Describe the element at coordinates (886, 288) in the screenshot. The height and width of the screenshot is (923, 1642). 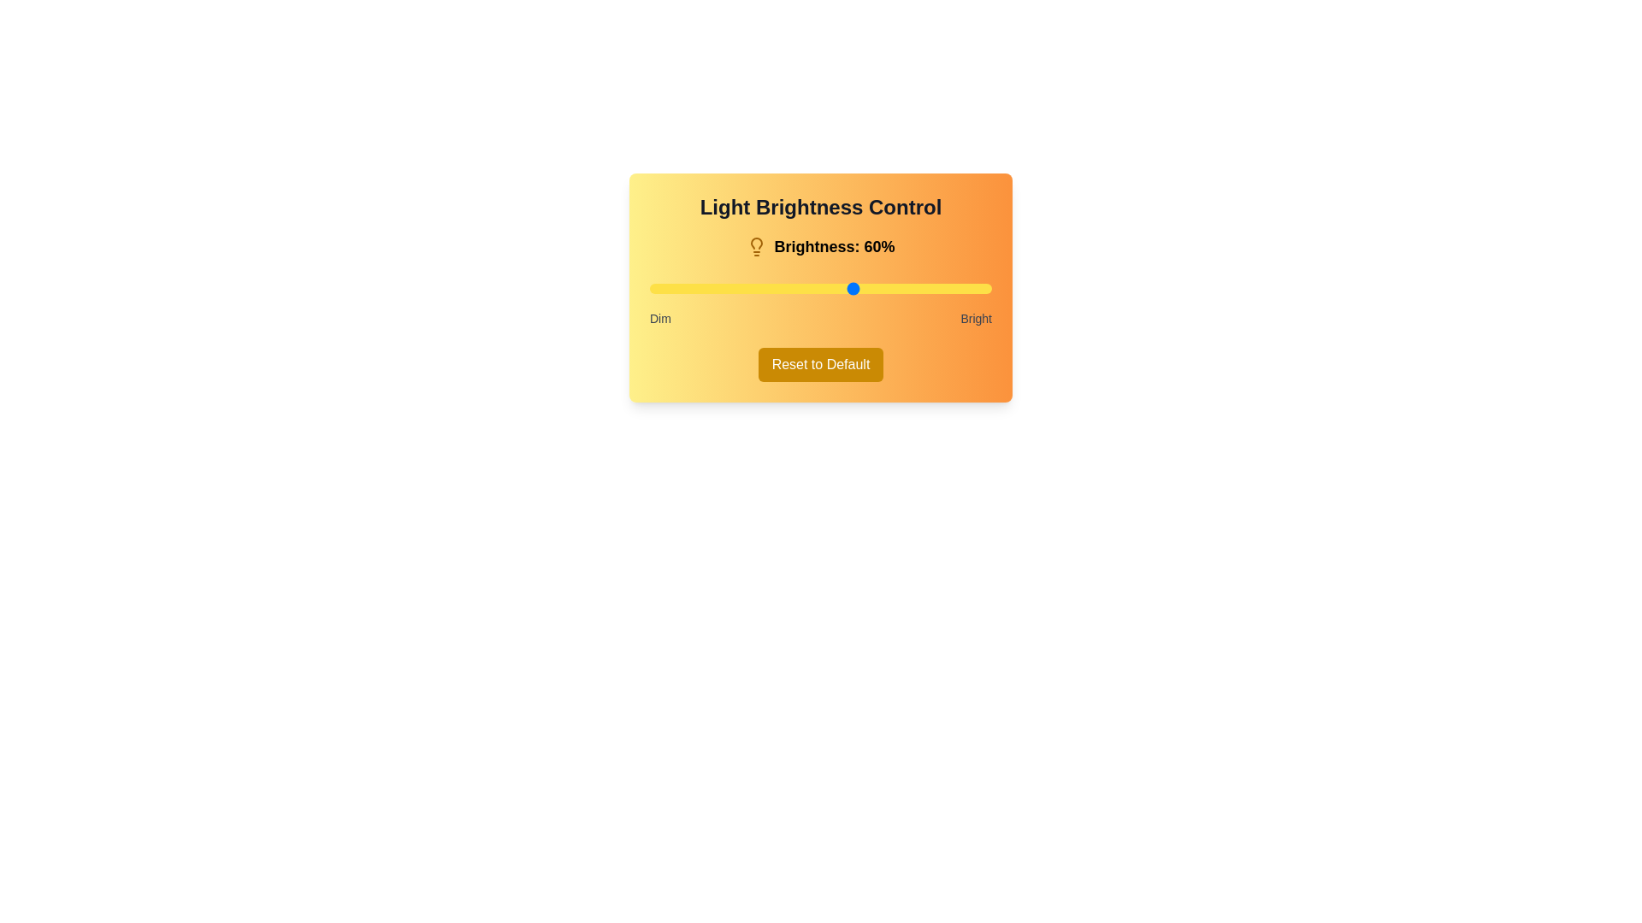
I see `the brightness to 69% using the slider` at that location.